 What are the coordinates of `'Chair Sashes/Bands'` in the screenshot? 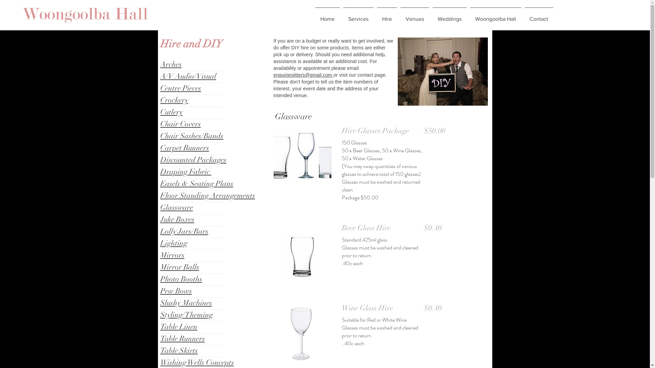 It's located at (191, 136).